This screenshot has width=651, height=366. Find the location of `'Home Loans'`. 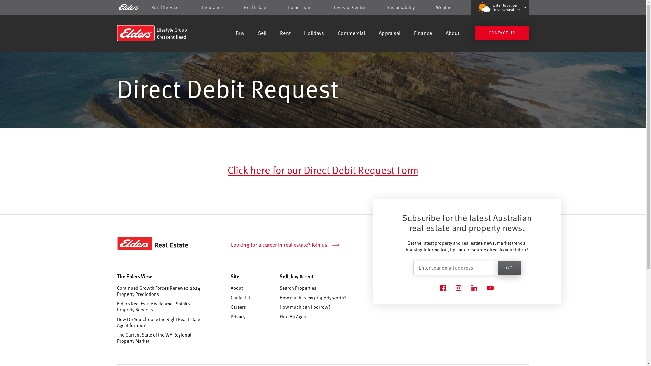

'Home Loans' is located at coordinates (299, 7).